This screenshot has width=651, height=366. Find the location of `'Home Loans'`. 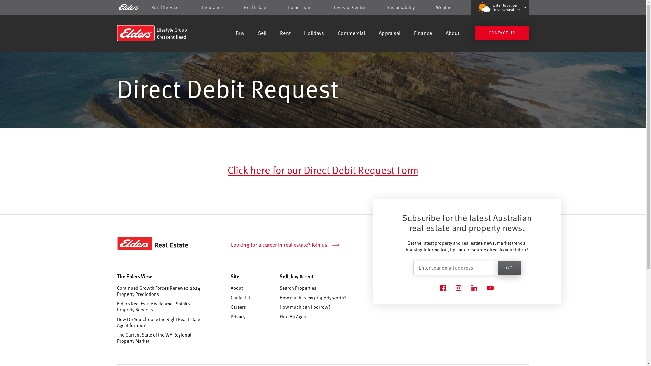

'Home Loans' is located at coordinates (299, 7).